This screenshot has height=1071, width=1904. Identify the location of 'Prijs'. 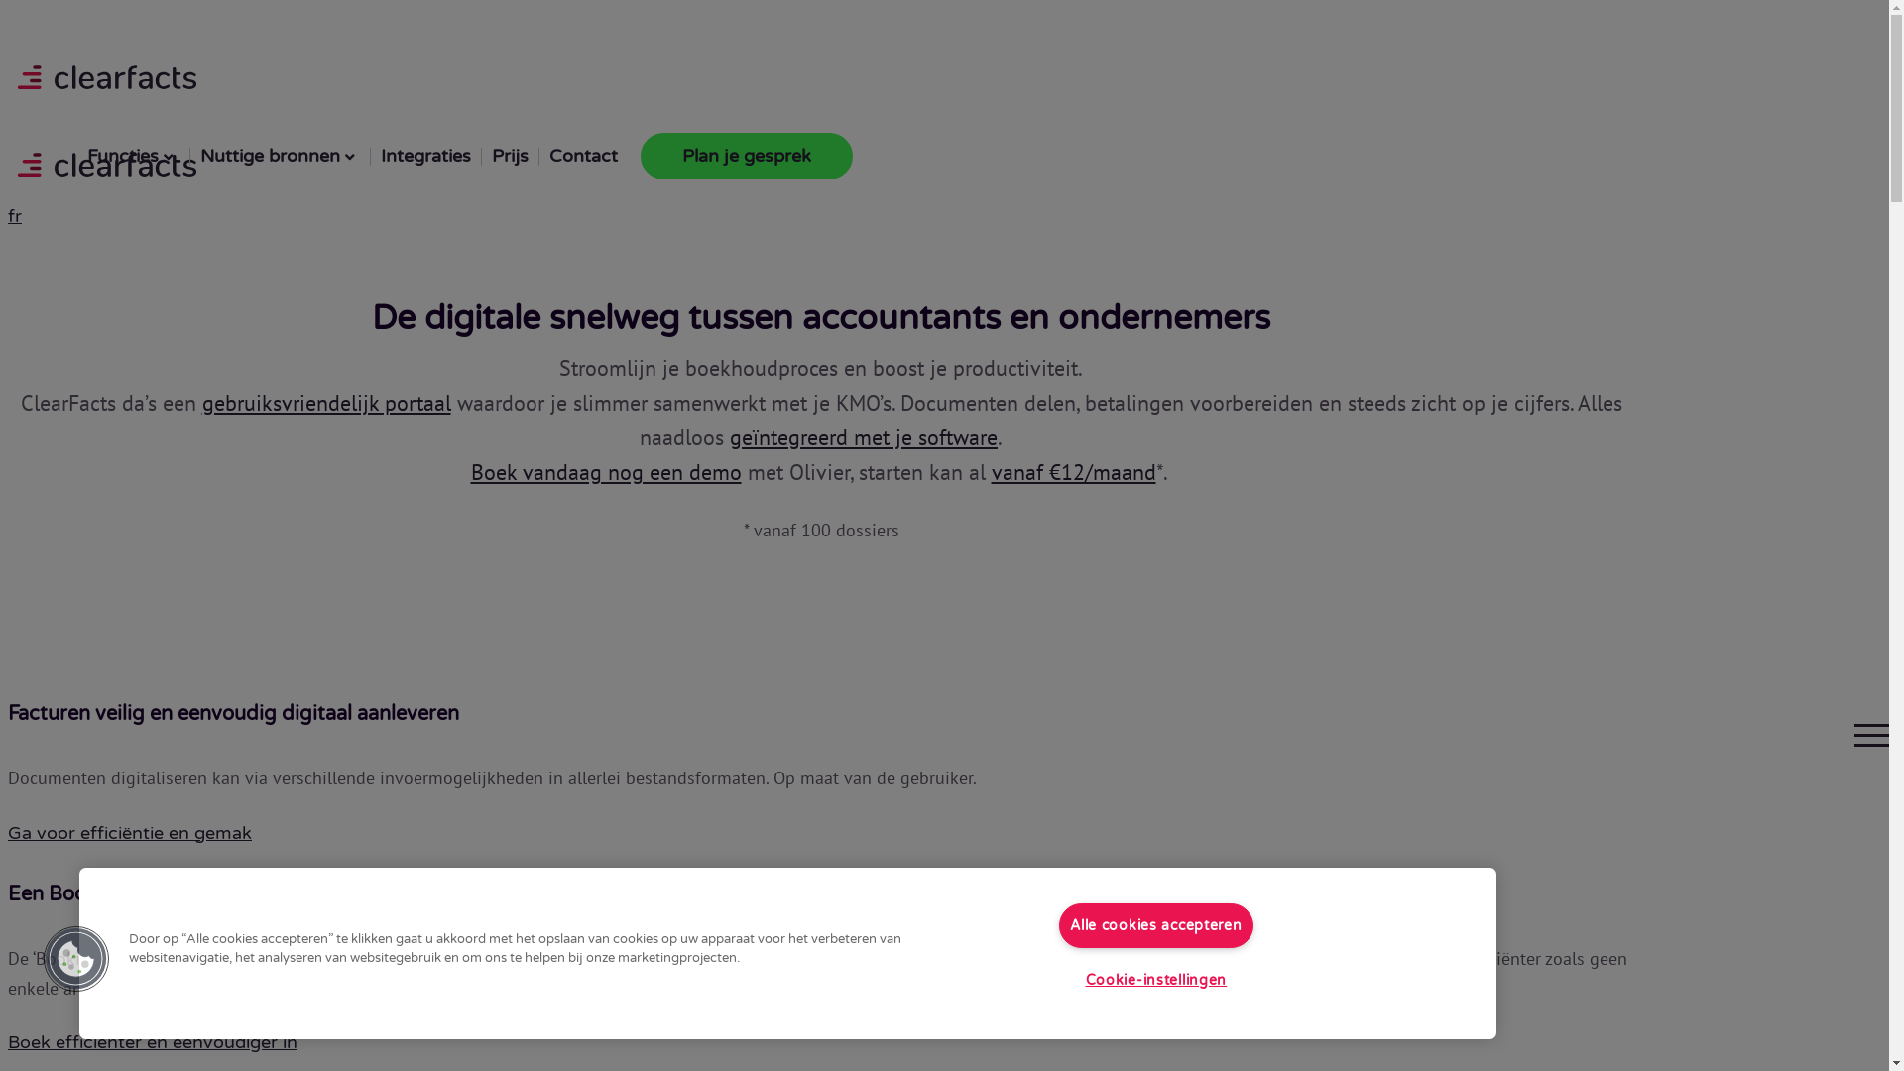
(510, 155).